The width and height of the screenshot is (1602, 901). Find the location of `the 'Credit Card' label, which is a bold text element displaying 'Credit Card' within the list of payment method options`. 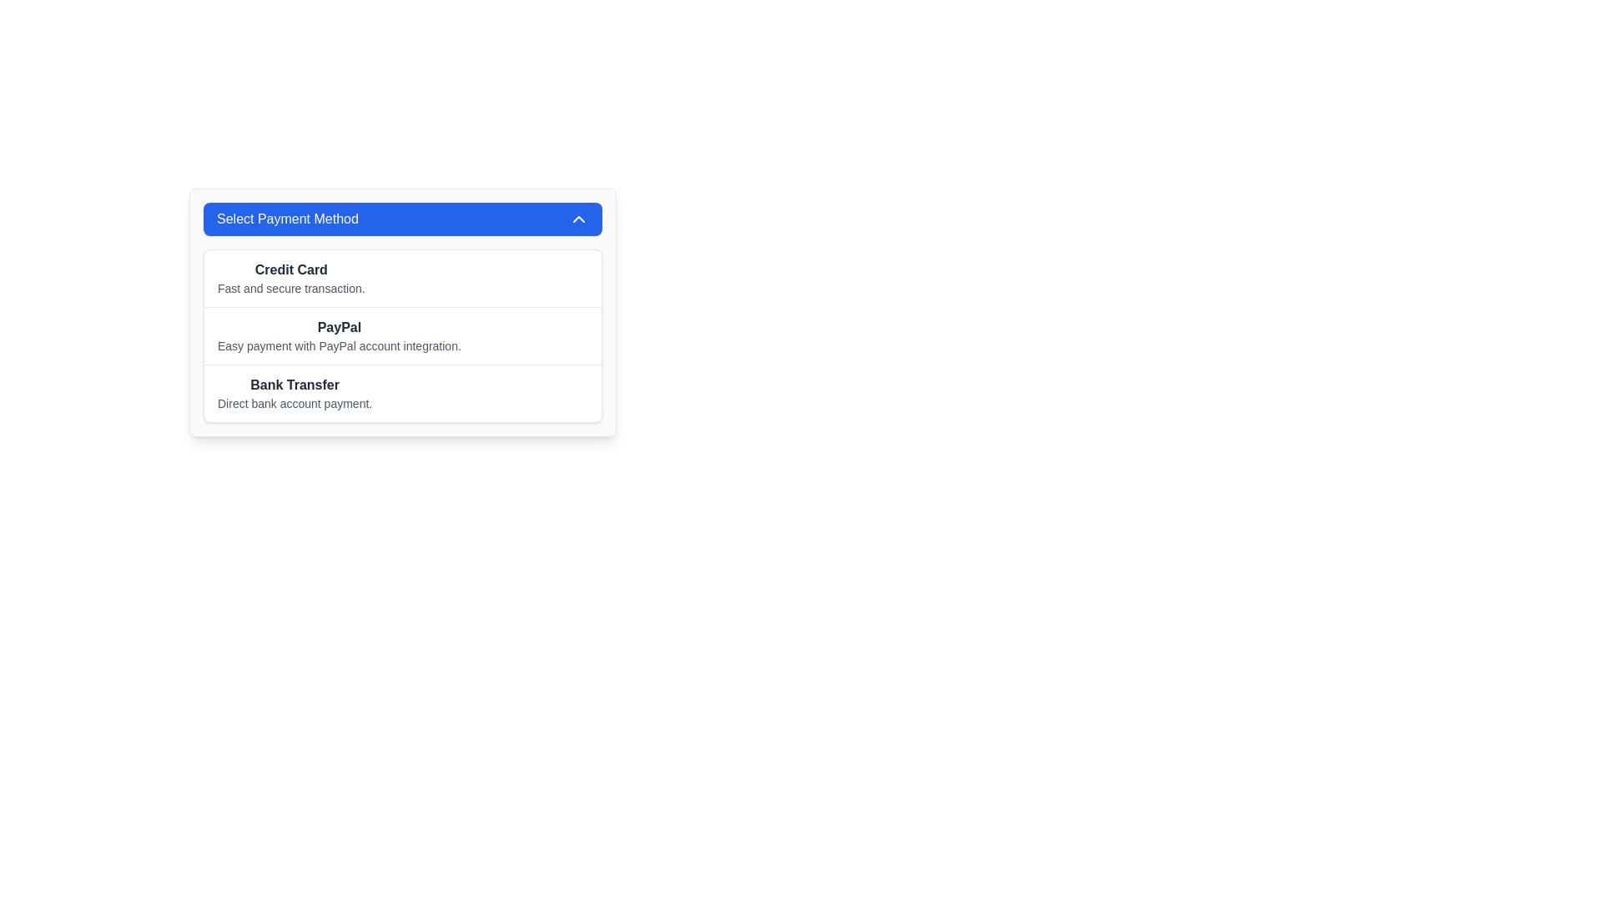

the 'Credit Card' label, which is a bold text element displaying 'Credit Card' within the list of payment method options is located at coordinates (291, 269).